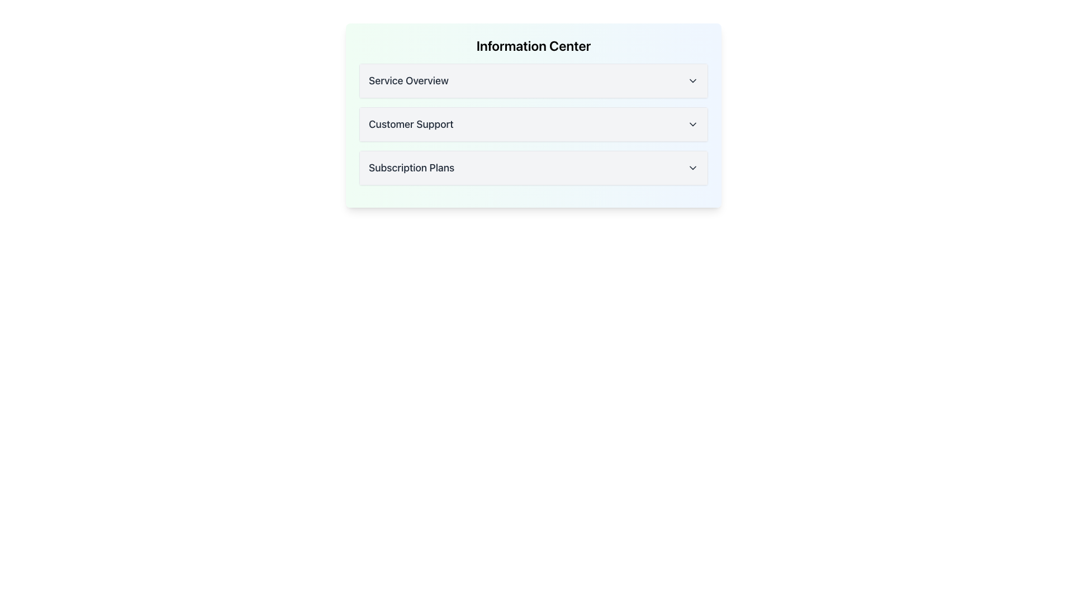  I want to click on the icon located at the far-right of the 'Customer Support' row in the navigation menu, so click(692, 125).